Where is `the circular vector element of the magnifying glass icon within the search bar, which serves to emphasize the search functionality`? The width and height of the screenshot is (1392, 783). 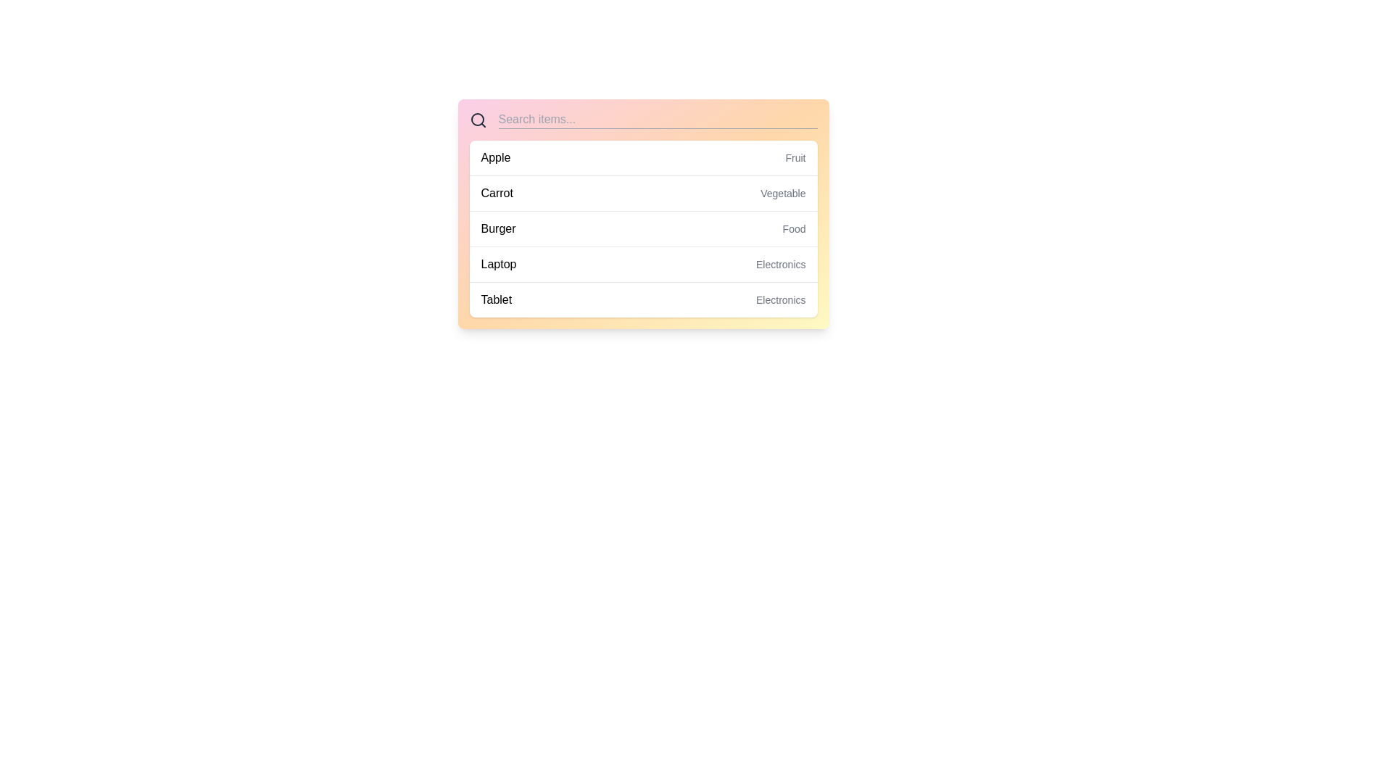
the circular vector element of the magnifying glass icon within the search bar, which serves to emphasize the search functionality is located at coordinates (477, 118).